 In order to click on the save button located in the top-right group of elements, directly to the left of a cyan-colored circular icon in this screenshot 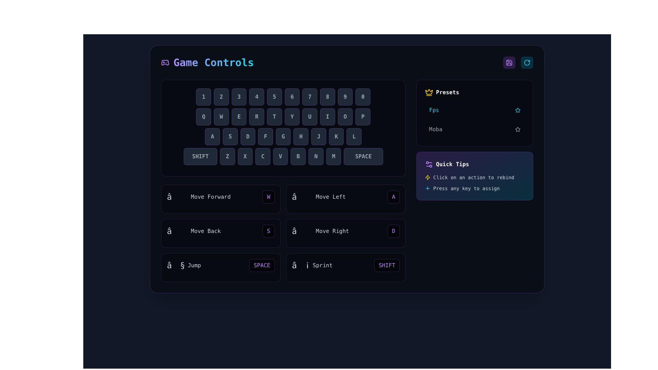, I will do `click(509, 62)`.